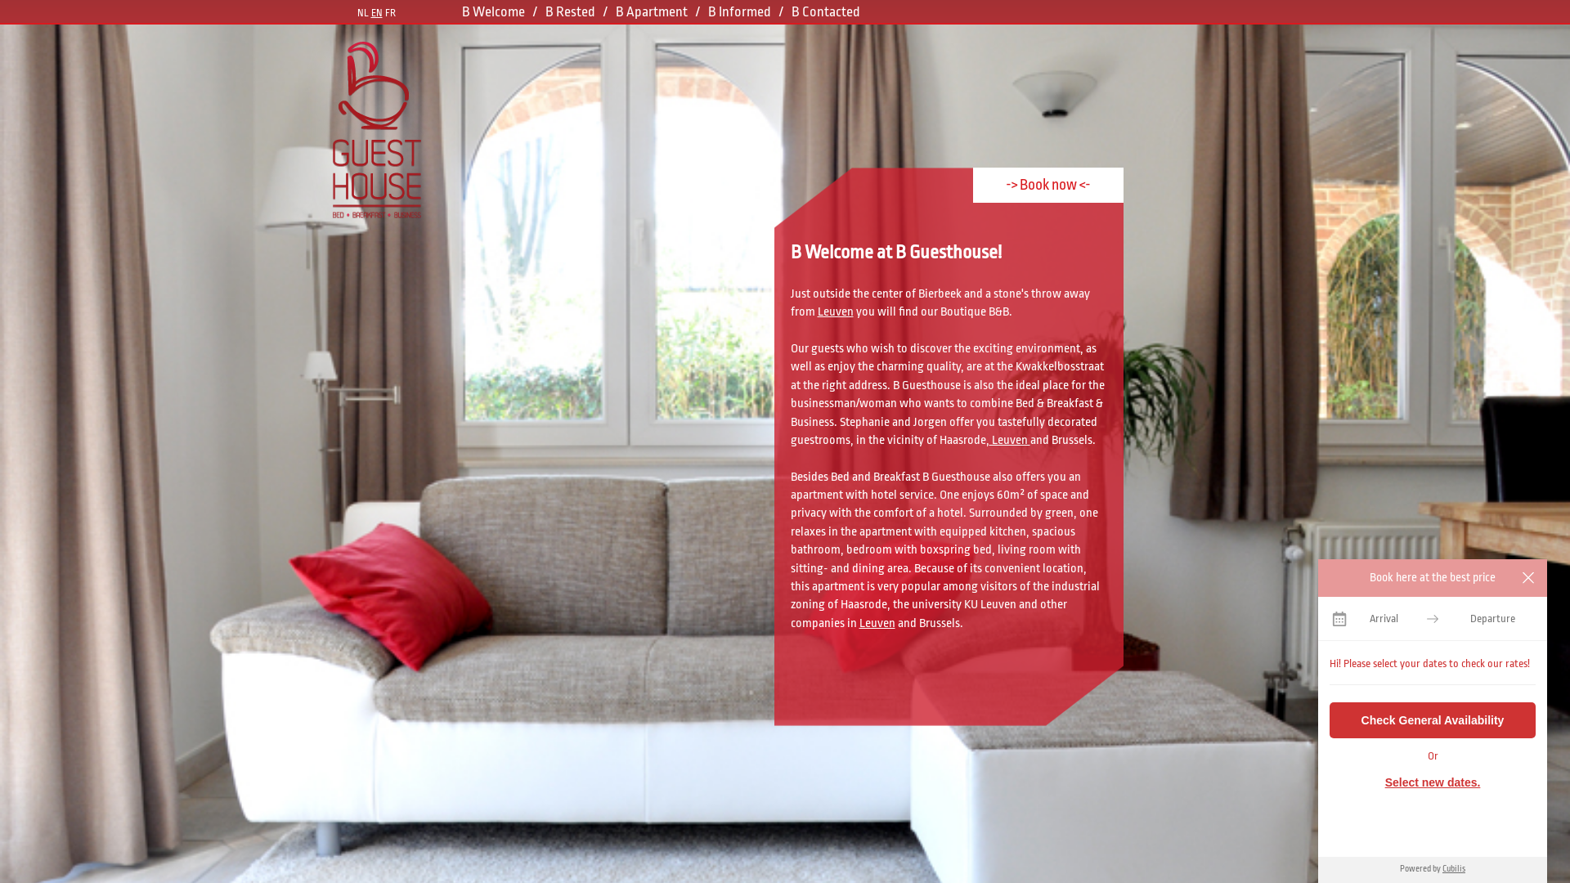 This screenshot has width=1570, height=883. Describe the element at coordinates (1442, 868) in the screenshot. I see `'Cubilis'` at that location.